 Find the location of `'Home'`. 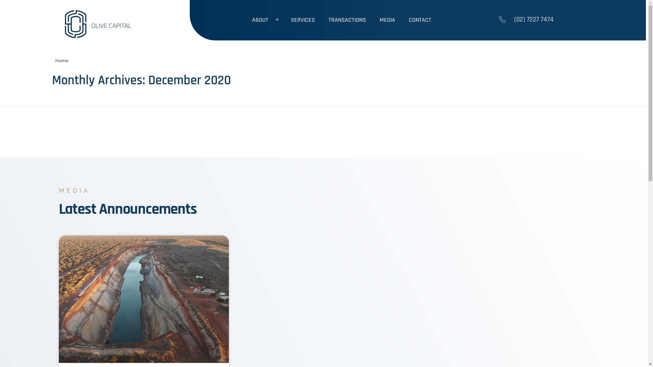

'Home' is located at coordinates (55, 60).